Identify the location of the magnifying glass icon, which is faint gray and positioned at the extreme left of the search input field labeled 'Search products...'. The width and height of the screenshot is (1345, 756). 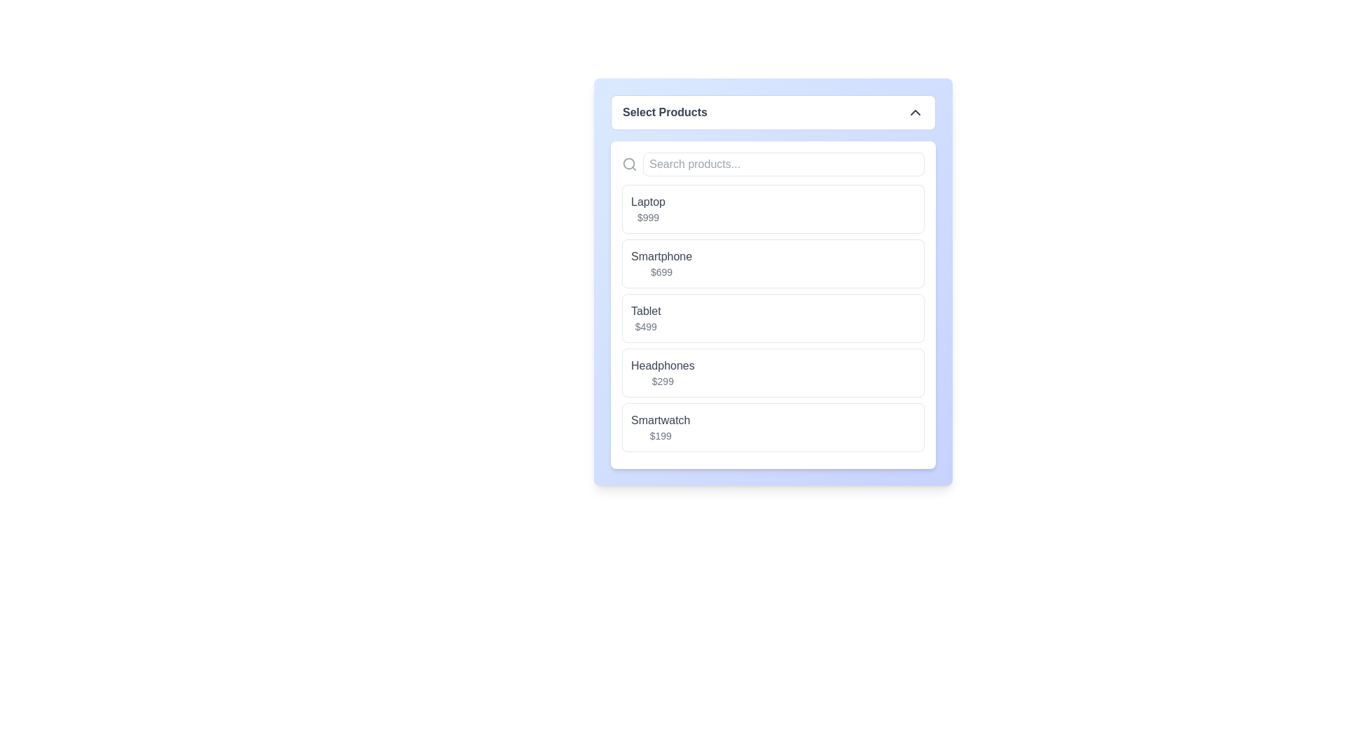
(629, 164).